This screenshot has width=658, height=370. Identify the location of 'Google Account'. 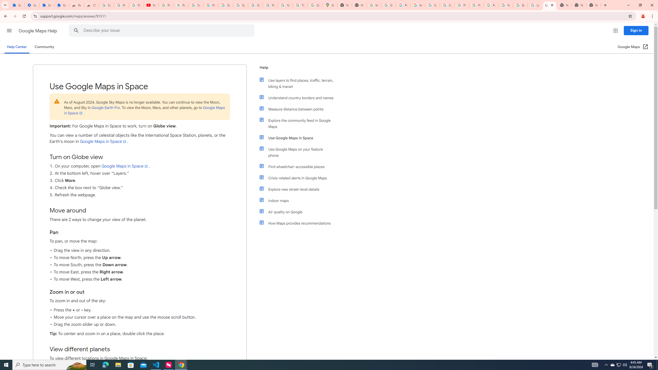
(240, 5).